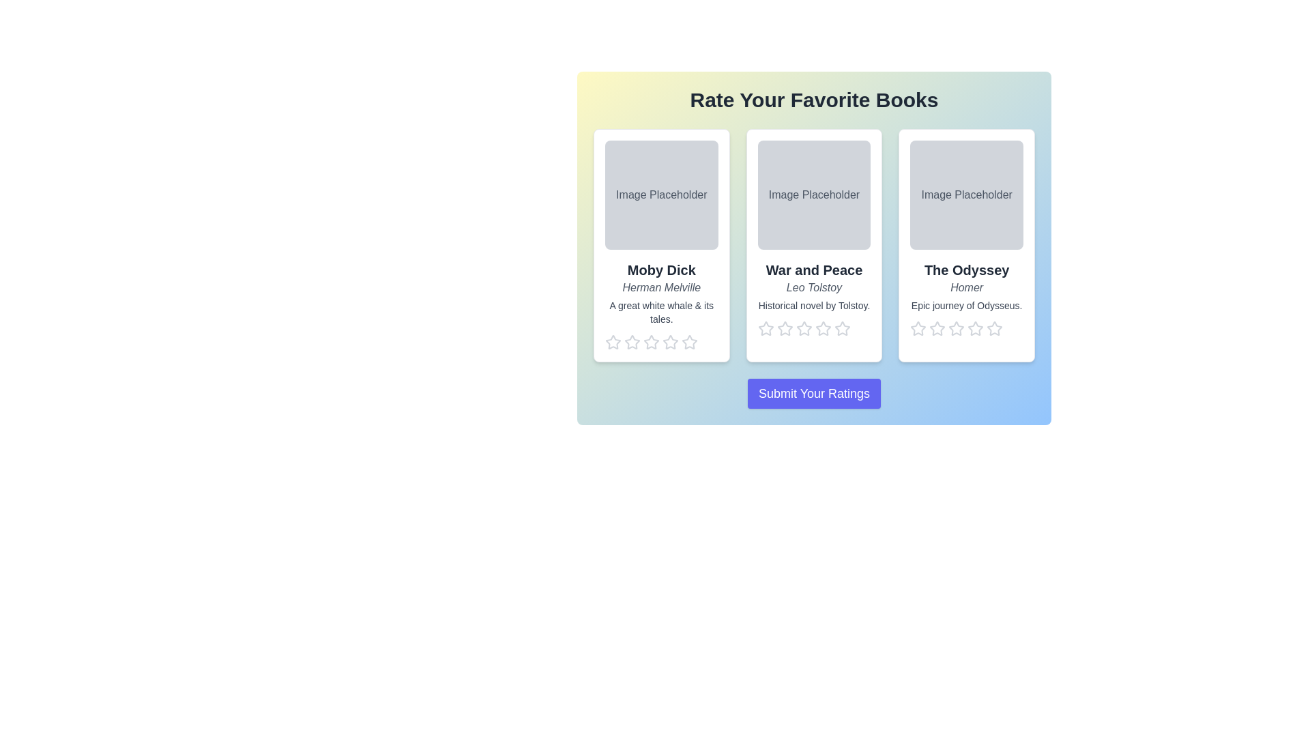 The image size is (1310, 737). Describe the element at coordinates (766, 329) in the screenshot. I see `the star corresponding to the rating 1 for the book War and Peace` at that location.